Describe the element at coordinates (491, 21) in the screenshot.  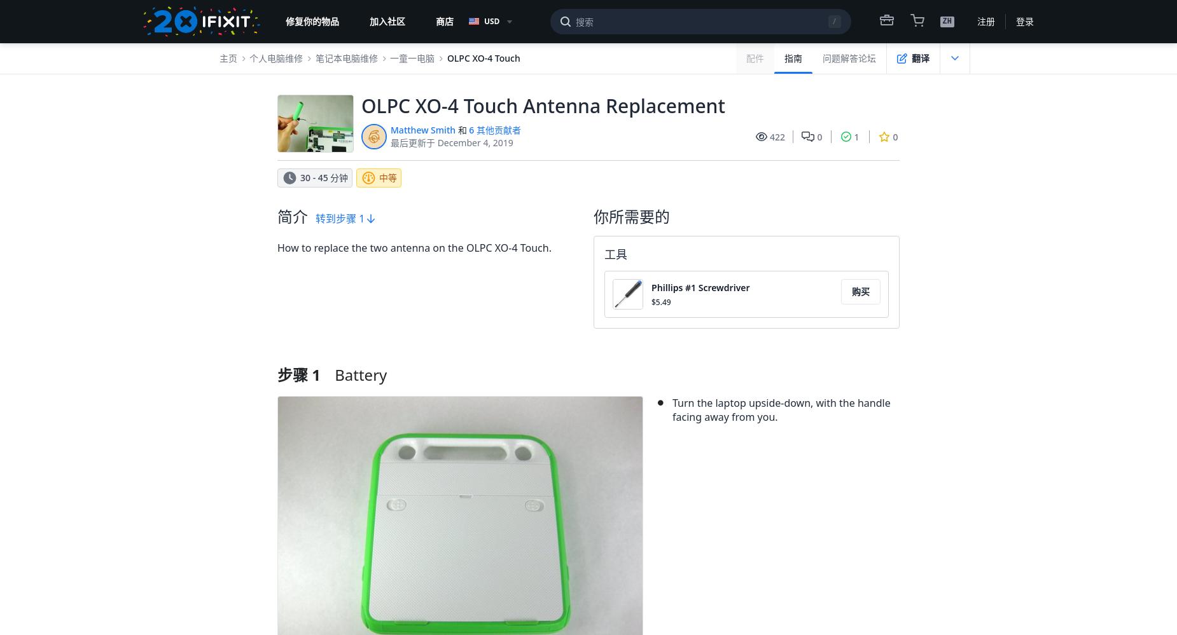
I see `'USD'` at that location.